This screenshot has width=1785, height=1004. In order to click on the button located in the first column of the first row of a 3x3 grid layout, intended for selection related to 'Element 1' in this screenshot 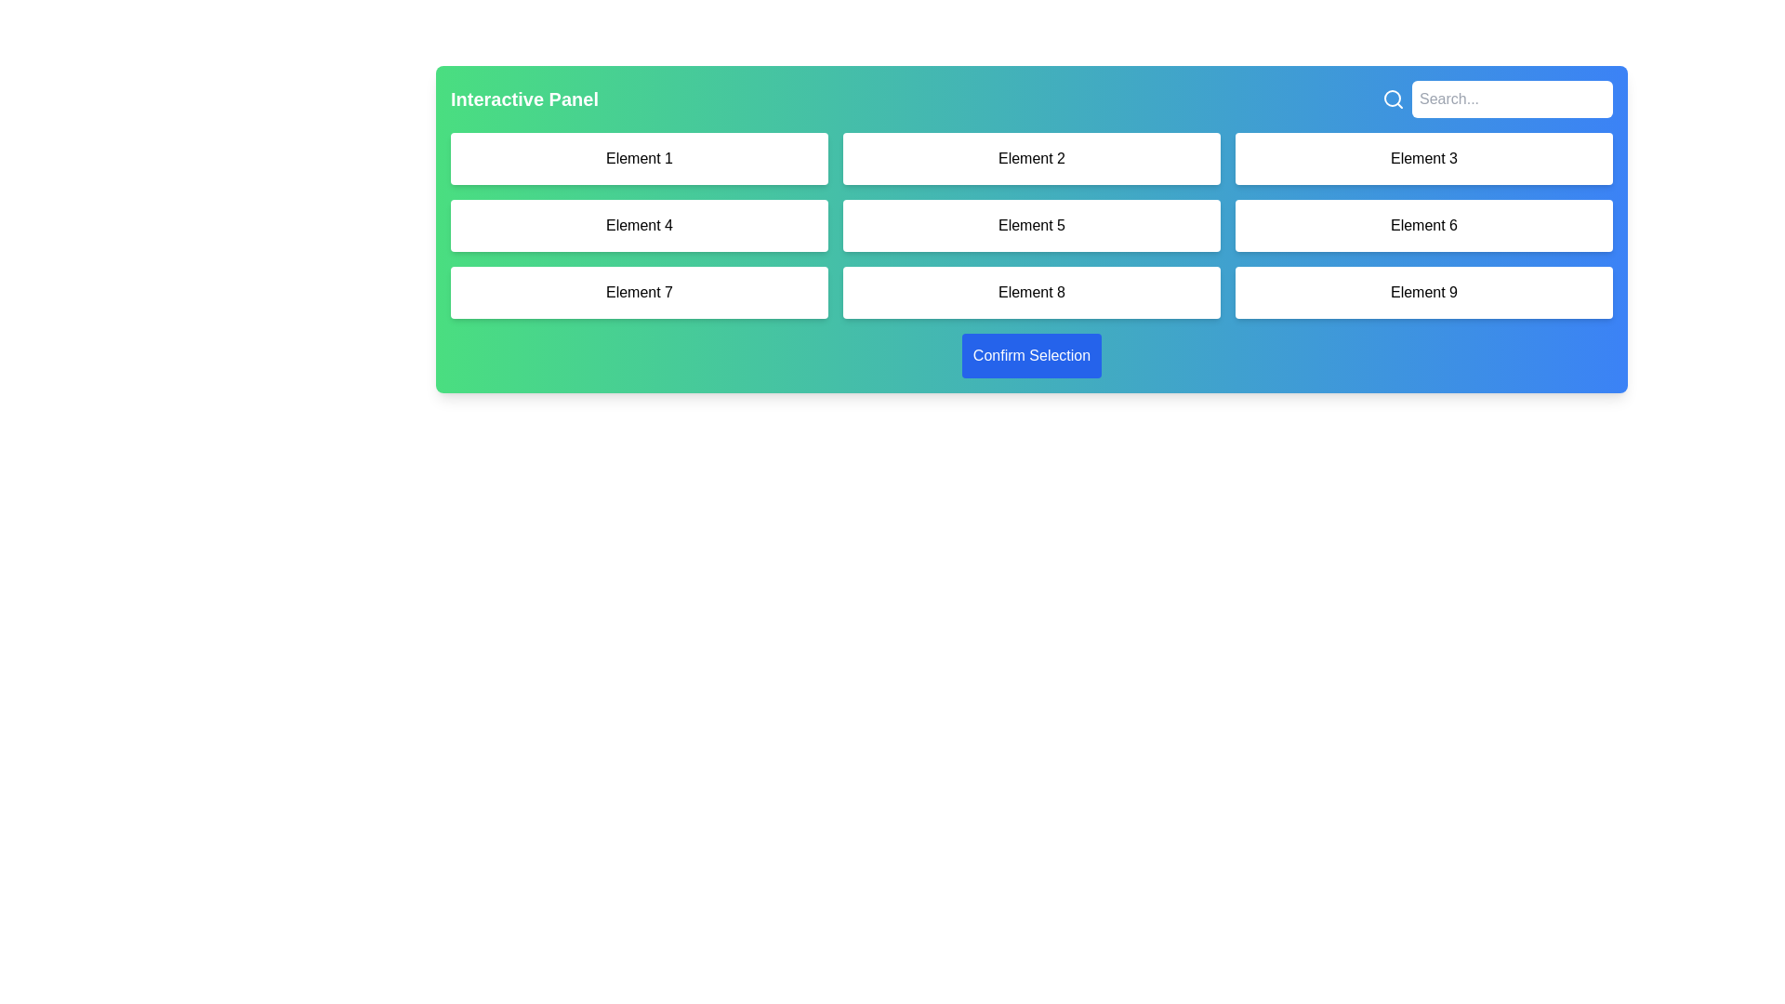, I will do `click(639, 157)`.